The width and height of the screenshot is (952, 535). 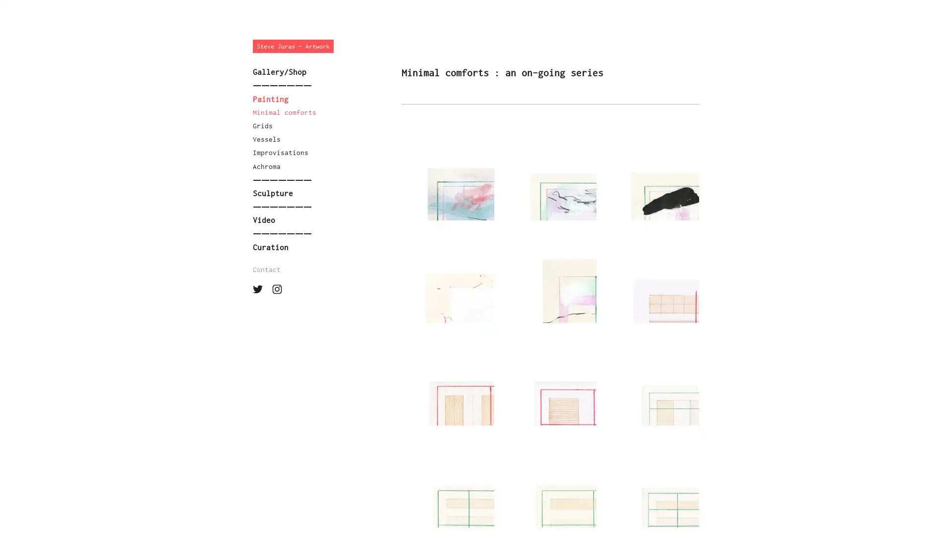 What do you see at coordinates (652, 276) in the screenshot?
I see `View fullsize Dearly departed` at bounding box center [652, 276].